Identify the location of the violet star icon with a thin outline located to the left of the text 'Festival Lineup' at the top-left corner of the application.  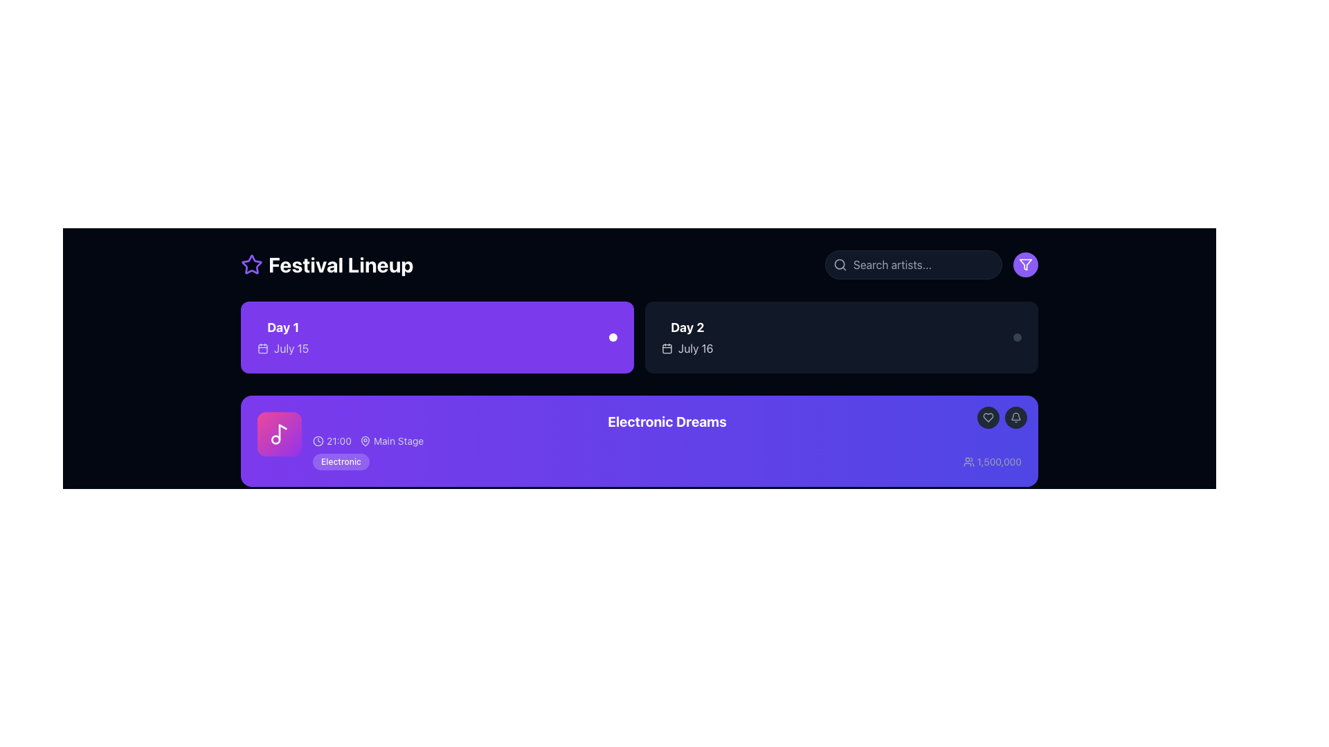
(252, 264).